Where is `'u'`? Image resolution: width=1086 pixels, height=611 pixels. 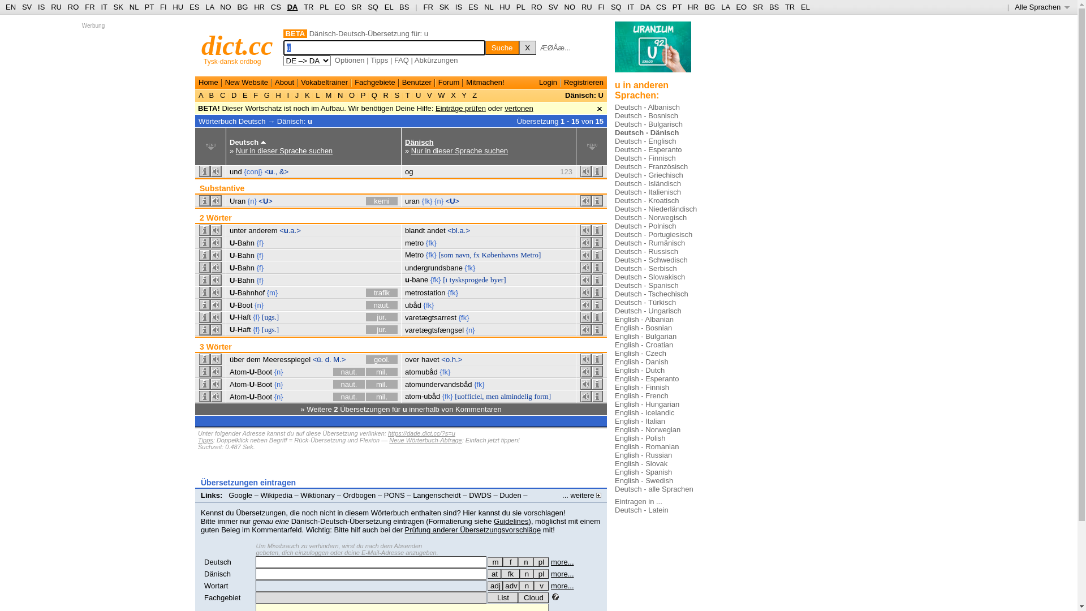 'u' is located at coordinates (309, 121).